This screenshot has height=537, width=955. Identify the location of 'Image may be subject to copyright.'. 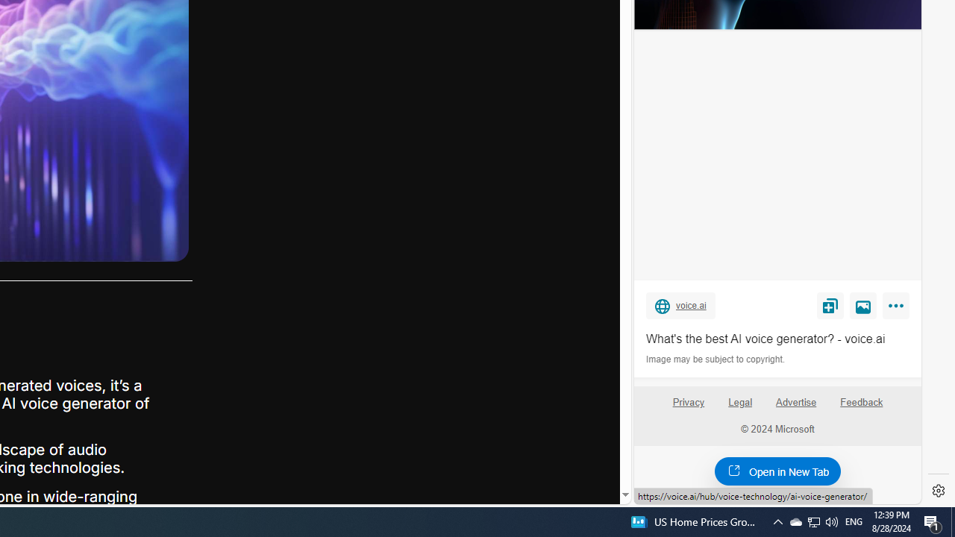
(716, 359).